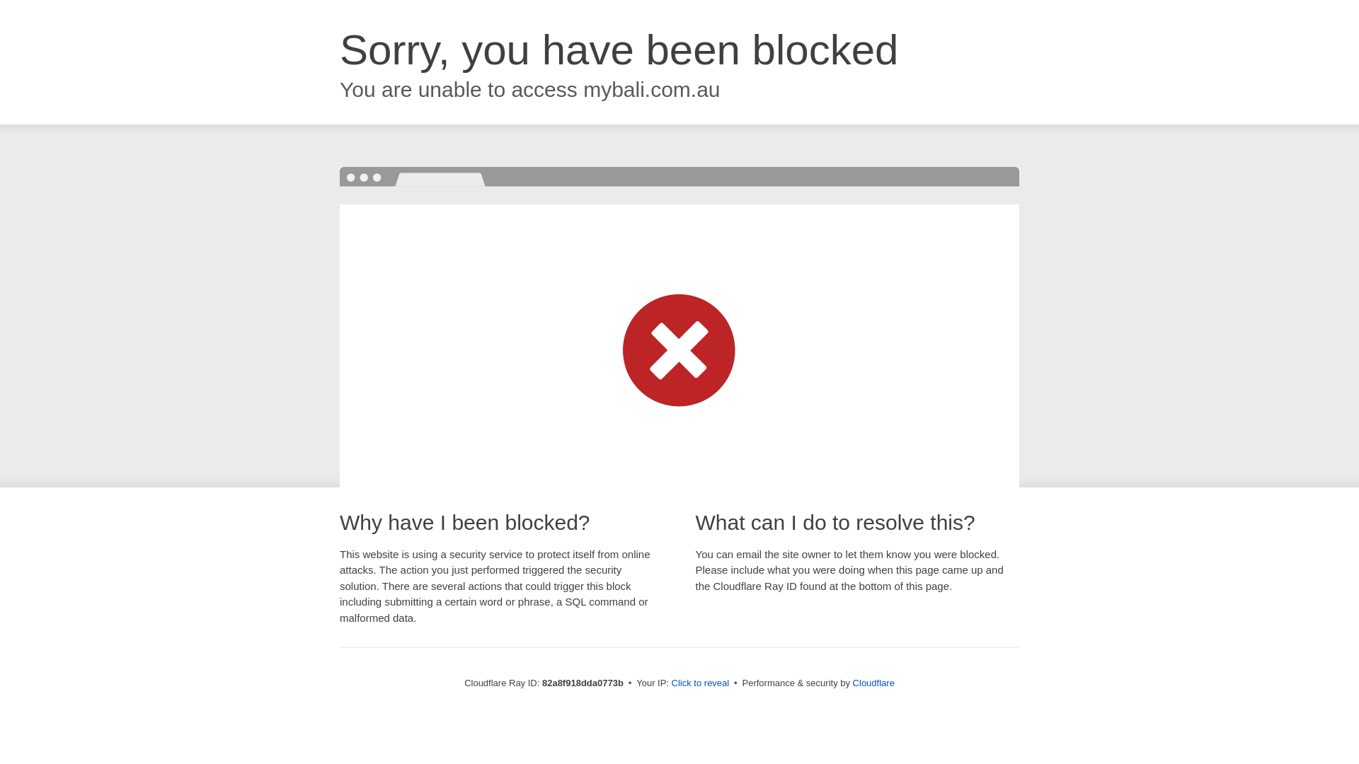 The height and width of the screenshot is (764, 1359). Describe the element at coordinates (873, 682) in the screenshot. I see `'Cloudflare'` at that location.